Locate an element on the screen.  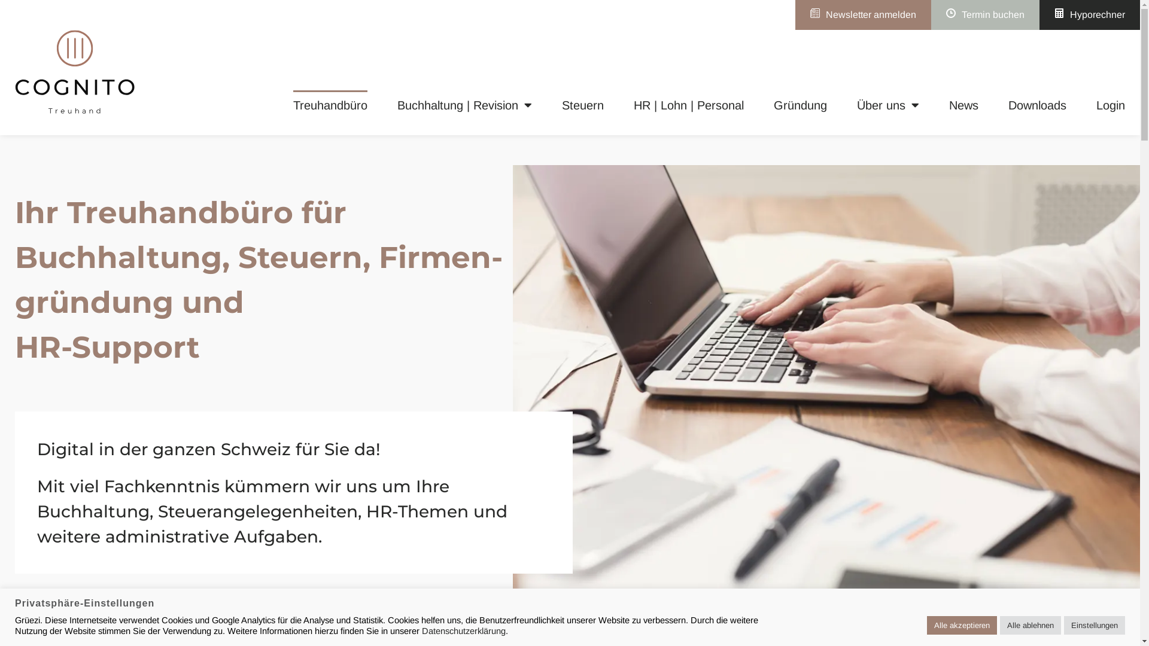
'News' is located at coordinates (963, 105).